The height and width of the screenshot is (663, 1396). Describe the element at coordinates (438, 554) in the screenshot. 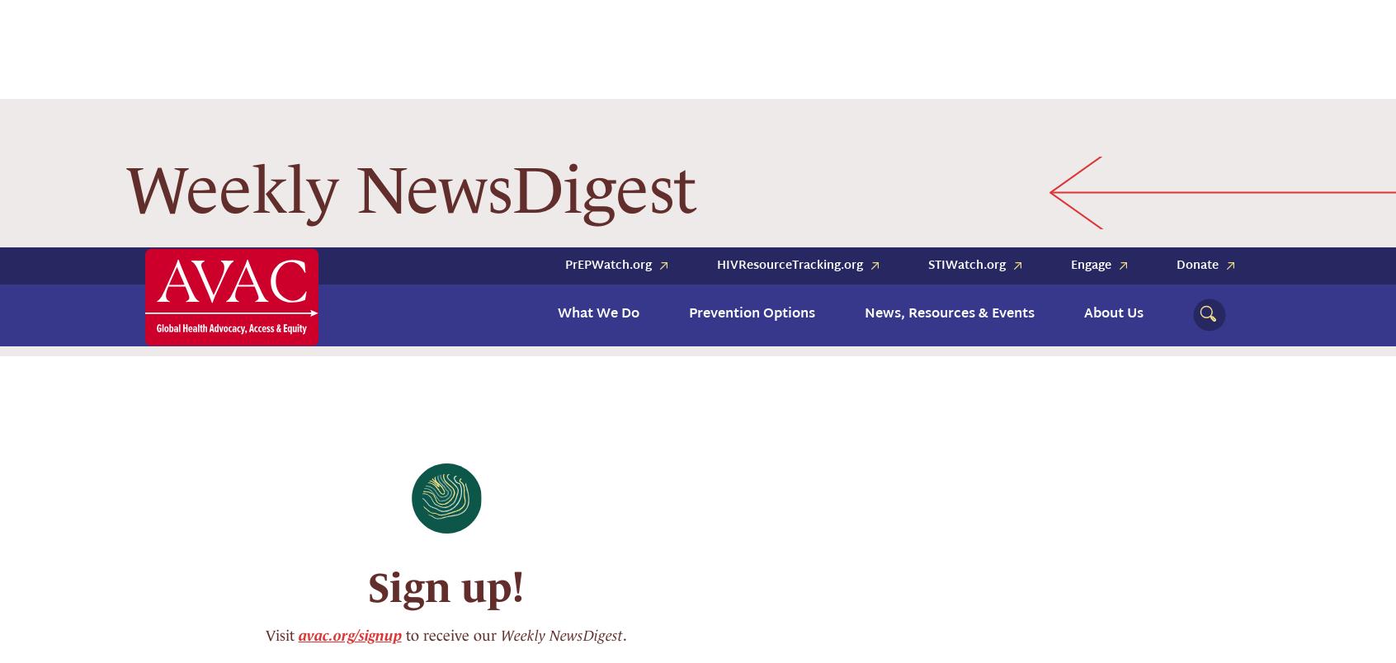

I see `'Our goal is to raise awareness about the various opinions and information disseminated in the press and scientific journals concerning HIV prevention research, and to support evidence-based advocacy and decision-making.'` at that location.